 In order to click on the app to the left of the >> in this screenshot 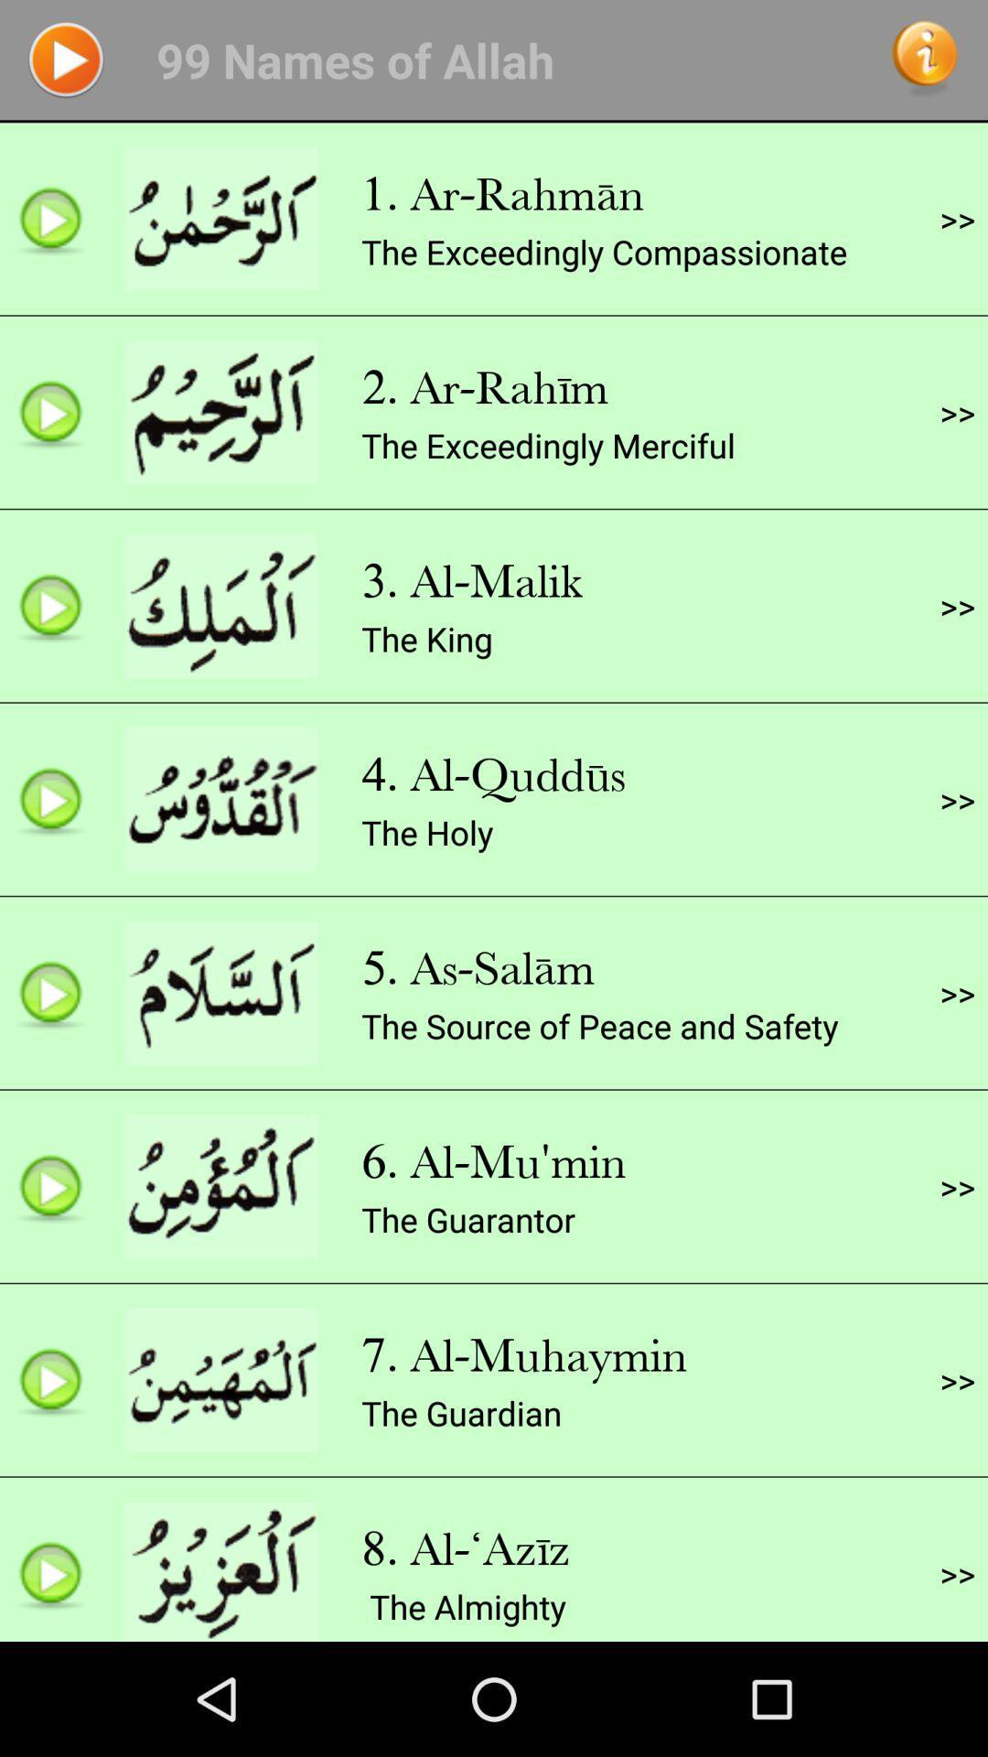, I will do `click(467, 1219)`.